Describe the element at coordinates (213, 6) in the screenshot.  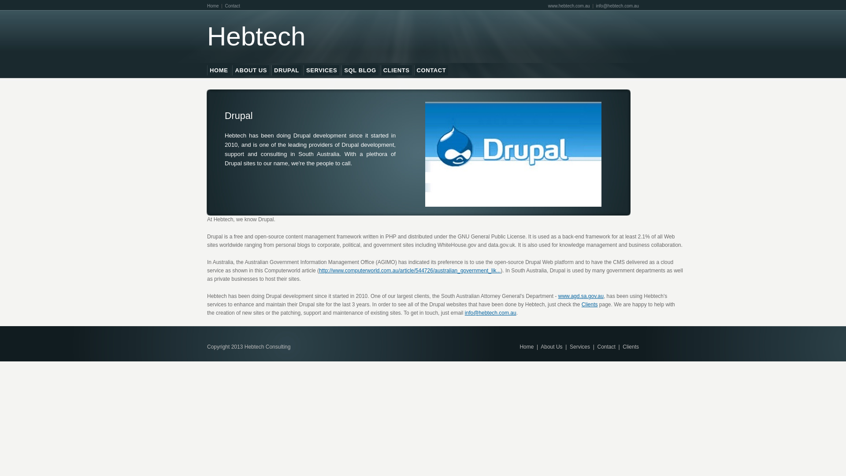
I see `'Home'` at that location.